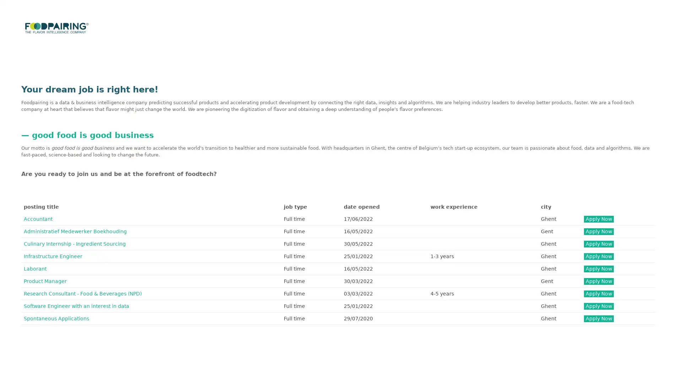 This screenshot has height=384, width=682. I want to click on Apply Now, so click(598, 305).